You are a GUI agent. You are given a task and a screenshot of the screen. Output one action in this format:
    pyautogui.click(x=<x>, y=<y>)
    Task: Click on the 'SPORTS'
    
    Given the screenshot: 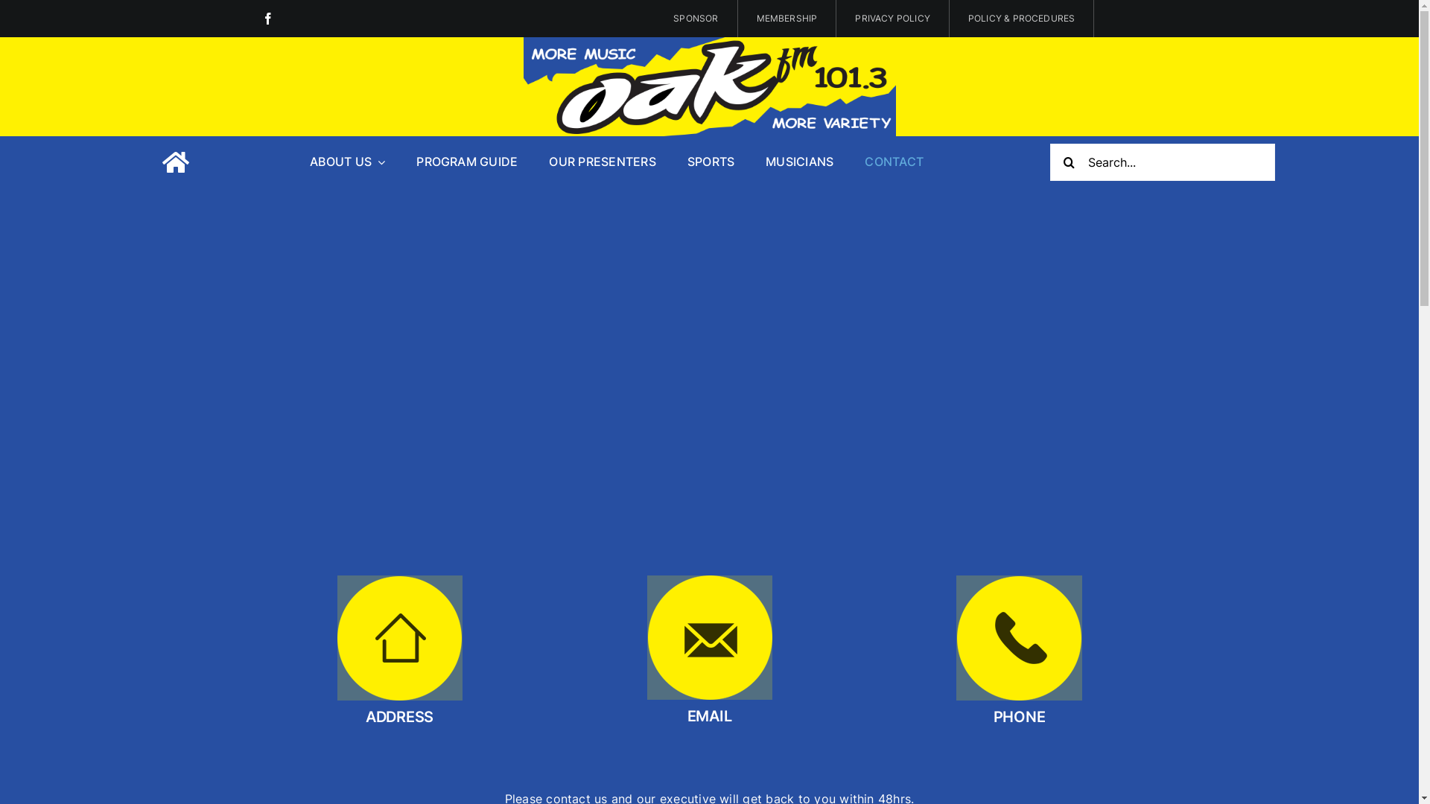 What is the action you would take?
    pyautogui.click(x=710, y=162)
    